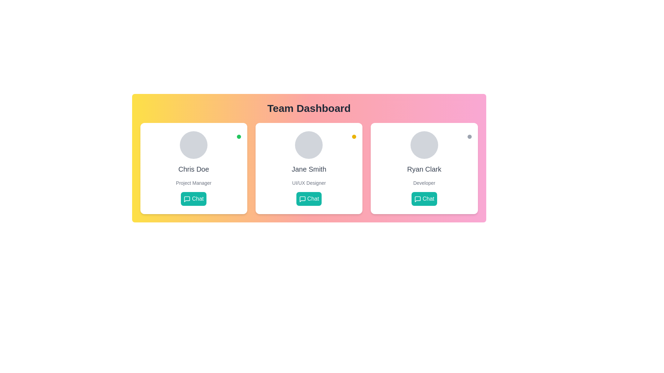  What do you see at coordinates (308, 169) in the screenshot?
I see `text displayed in the text label within the profile card for 'Jane Smith', which is horizontally centered beneath the circular avatar and above the label 'UI/UX Designer'` at bounding box center [308, 169].